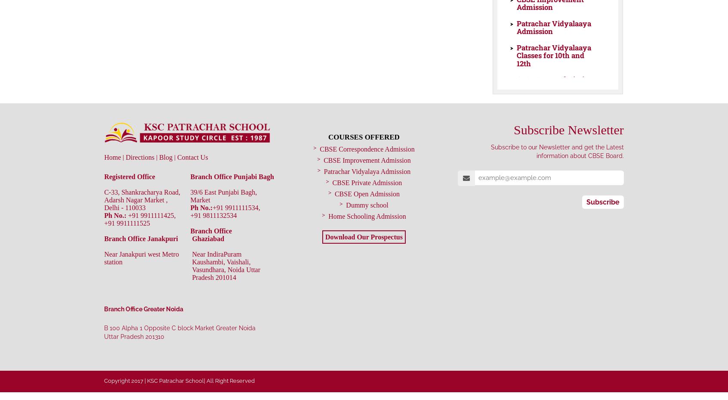  What do you see at coordinates (232, 176) in the screenshot?
I see `'Branch Office Punjabi Bagh'` at bounding box center [232, 176].